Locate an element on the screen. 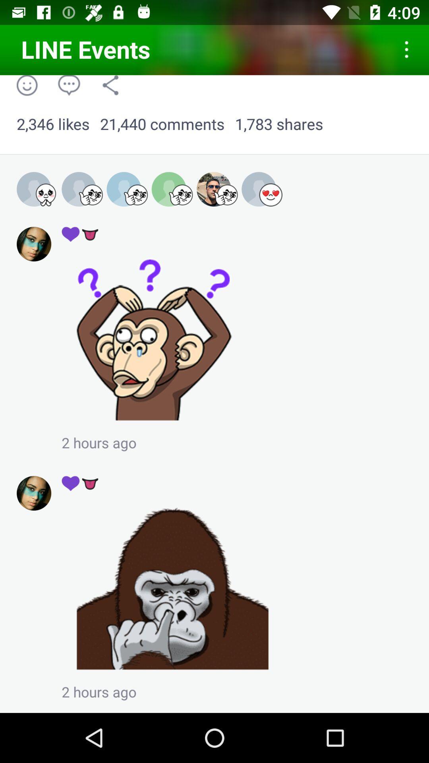  the 1,783 shares icon is located at coordinates (278, 124).